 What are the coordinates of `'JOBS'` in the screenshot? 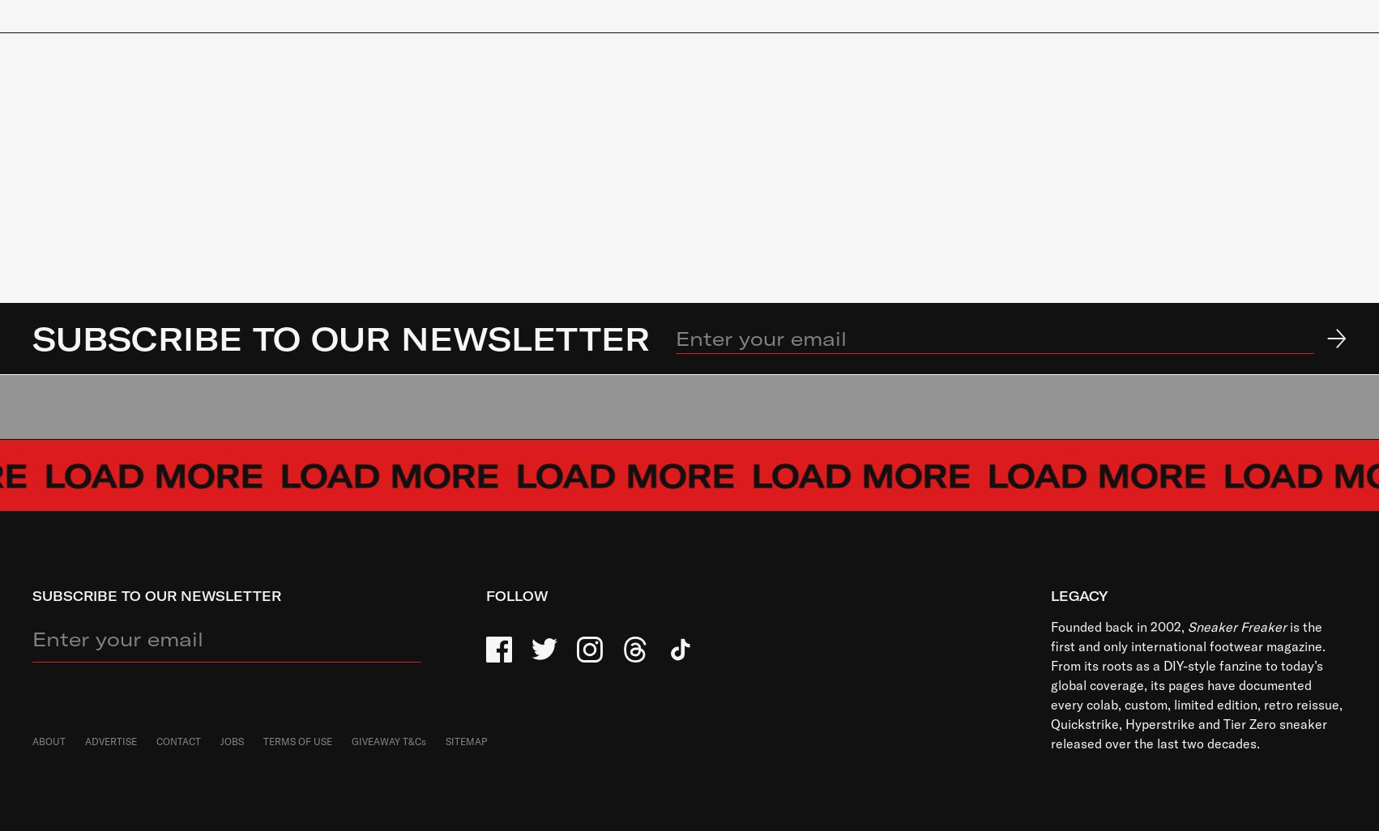 It's located at (232, 740).